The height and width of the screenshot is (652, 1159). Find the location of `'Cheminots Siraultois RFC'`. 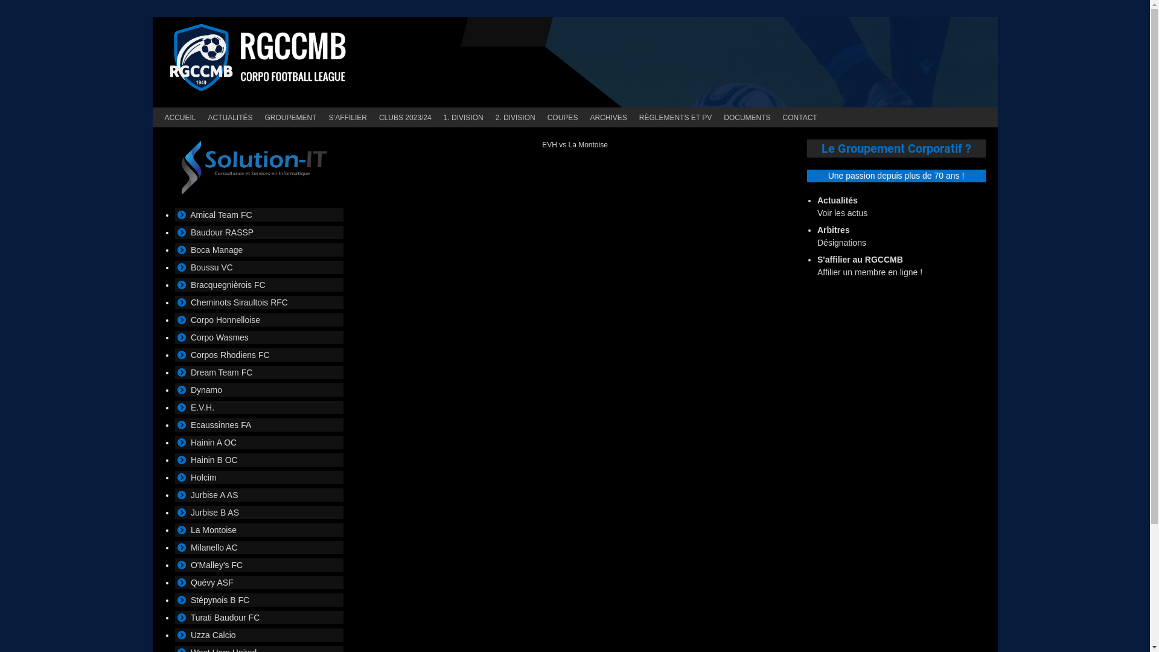

'Cheminots Siraultois RFC' is located at coordinates (190, 302).